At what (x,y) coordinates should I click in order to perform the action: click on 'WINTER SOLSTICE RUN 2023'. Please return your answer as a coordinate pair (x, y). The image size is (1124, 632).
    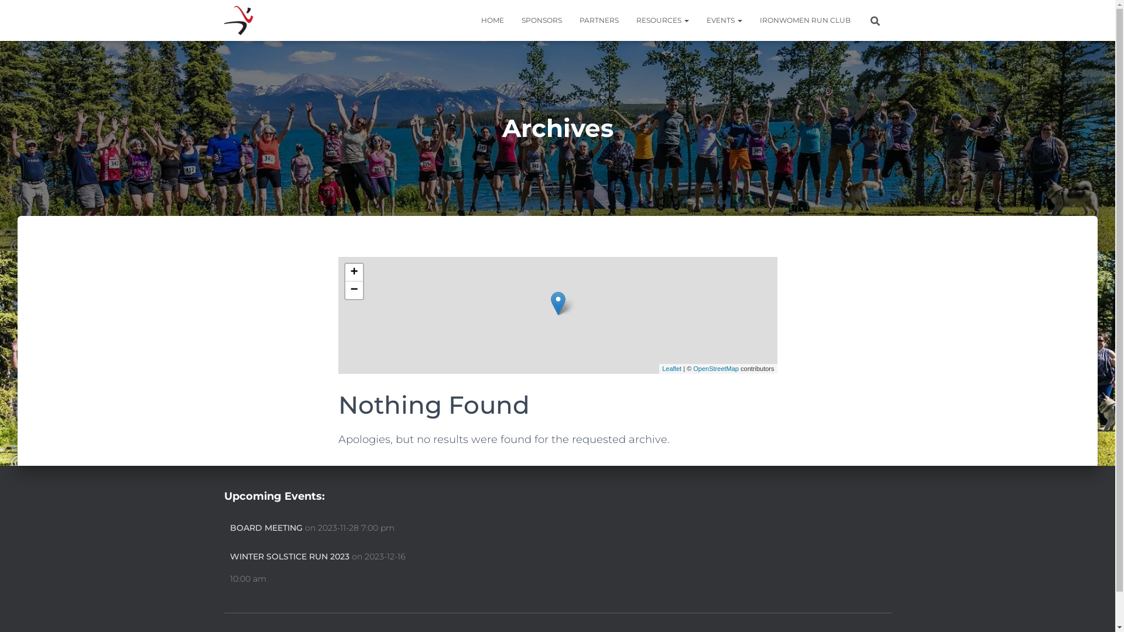
    Looking at the image, I should click on (289, 557).